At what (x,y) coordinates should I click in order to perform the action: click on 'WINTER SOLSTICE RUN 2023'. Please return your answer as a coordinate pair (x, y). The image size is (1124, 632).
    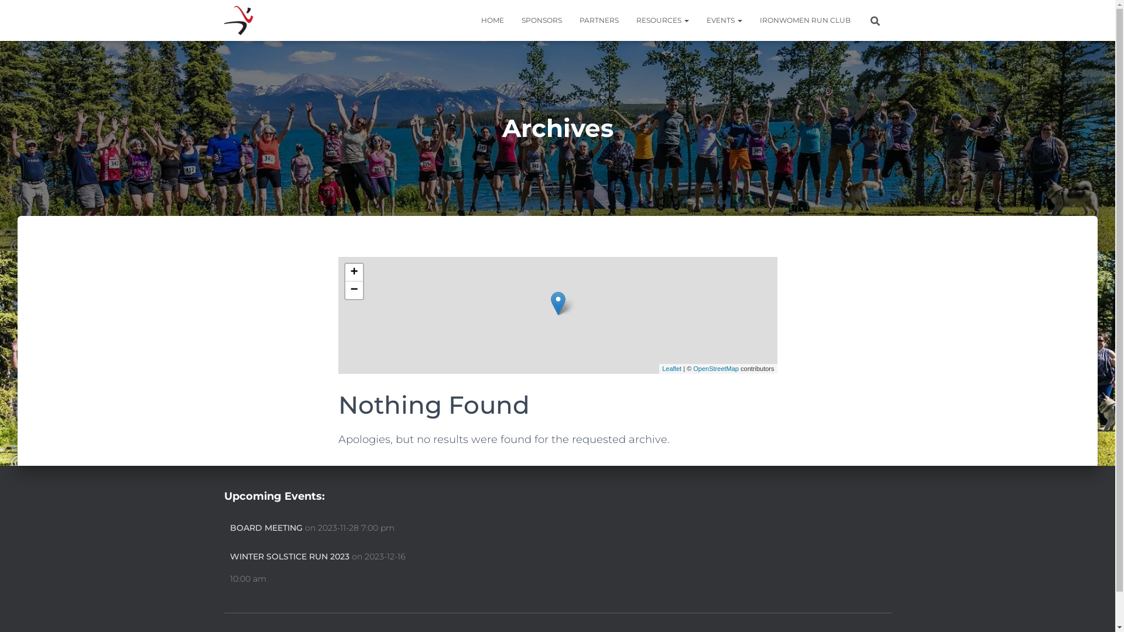
    Looking at the image, I should click on (289, 557).